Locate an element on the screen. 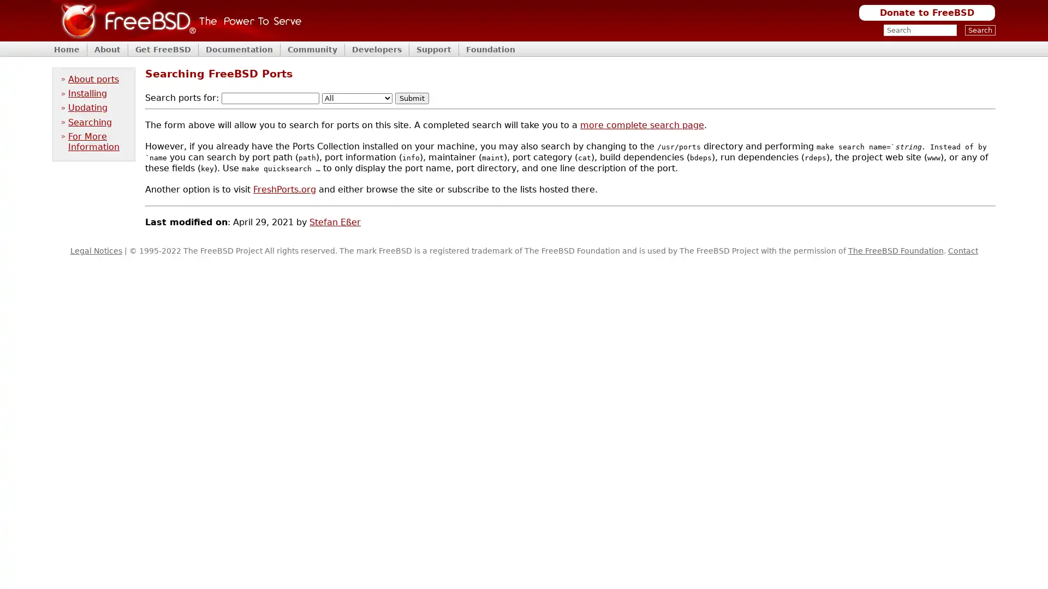 The width and height of the screenshot is (1048, 589). Search is located at coordinates (980, 29).